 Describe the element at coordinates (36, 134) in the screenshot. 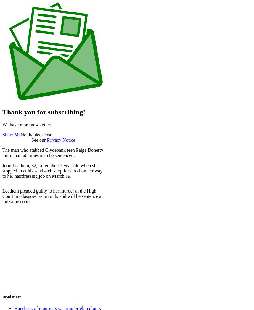

I see `'No thanks, close'` at that location.